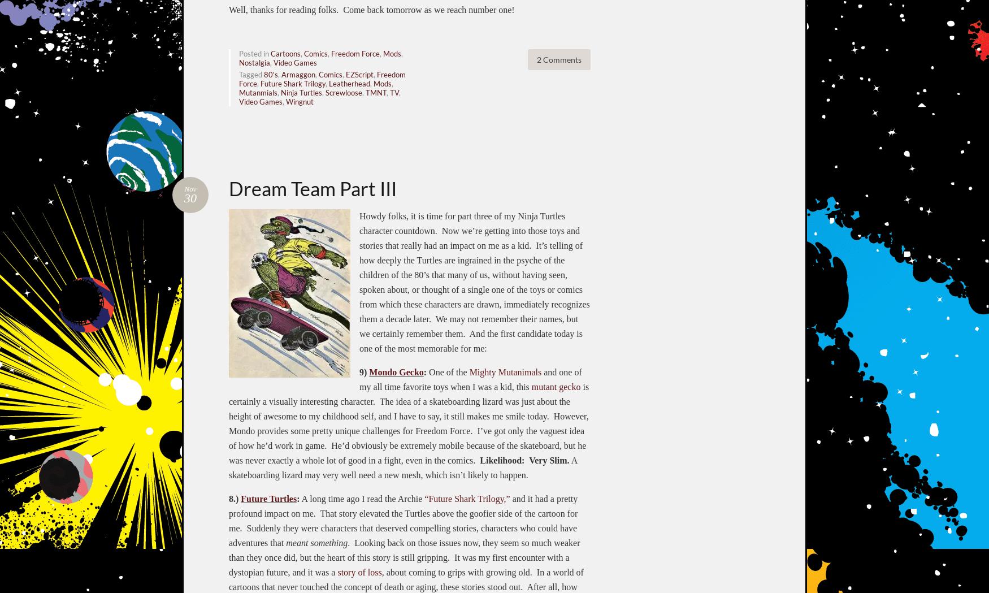  I want to click on 'Well, thanks for reading folks.  Come back tomorrow as we reach number one!', so click(371, 8).